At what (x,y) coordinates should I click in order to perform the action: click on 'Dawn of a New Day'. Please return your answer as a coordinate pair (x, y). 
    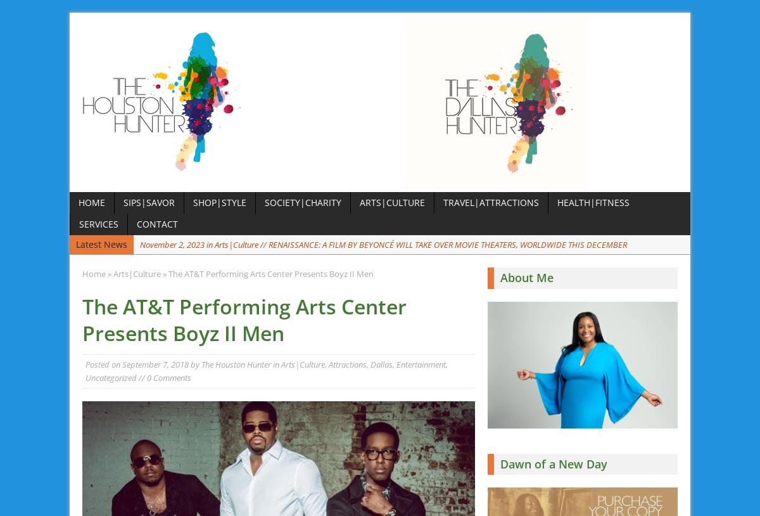
    Looking at the image, I should click on (553, 463).